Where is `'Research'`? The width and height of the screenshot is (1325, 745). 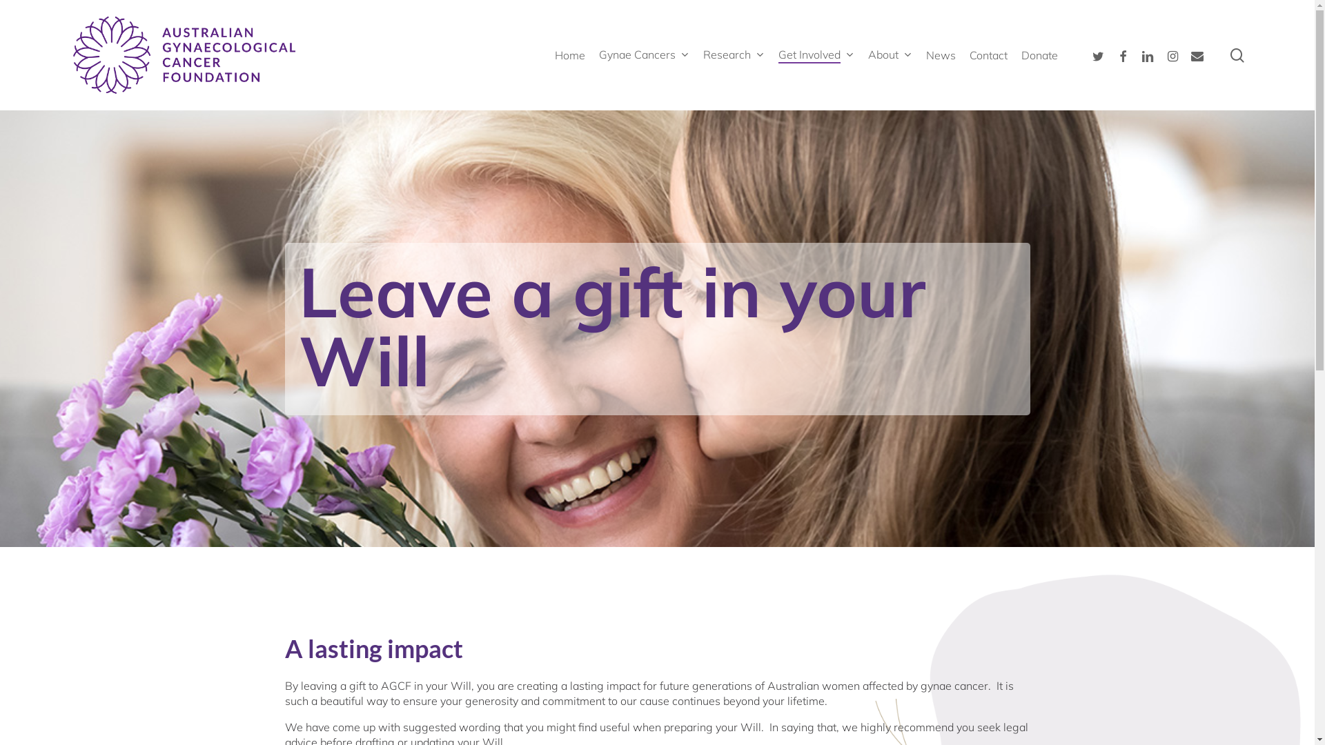 'Research' is located at coordinates (733, 54).